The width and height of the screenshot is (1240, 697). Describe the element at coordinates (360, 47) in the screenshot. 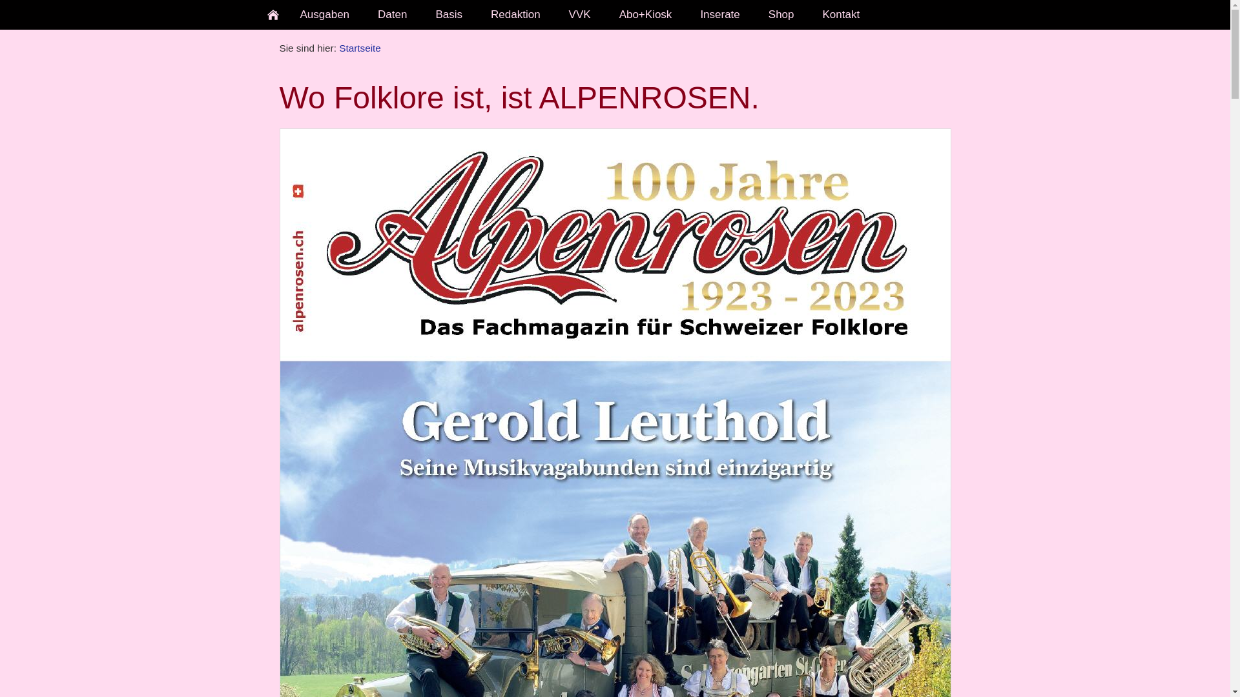

I see `'Startseite'` at that location.